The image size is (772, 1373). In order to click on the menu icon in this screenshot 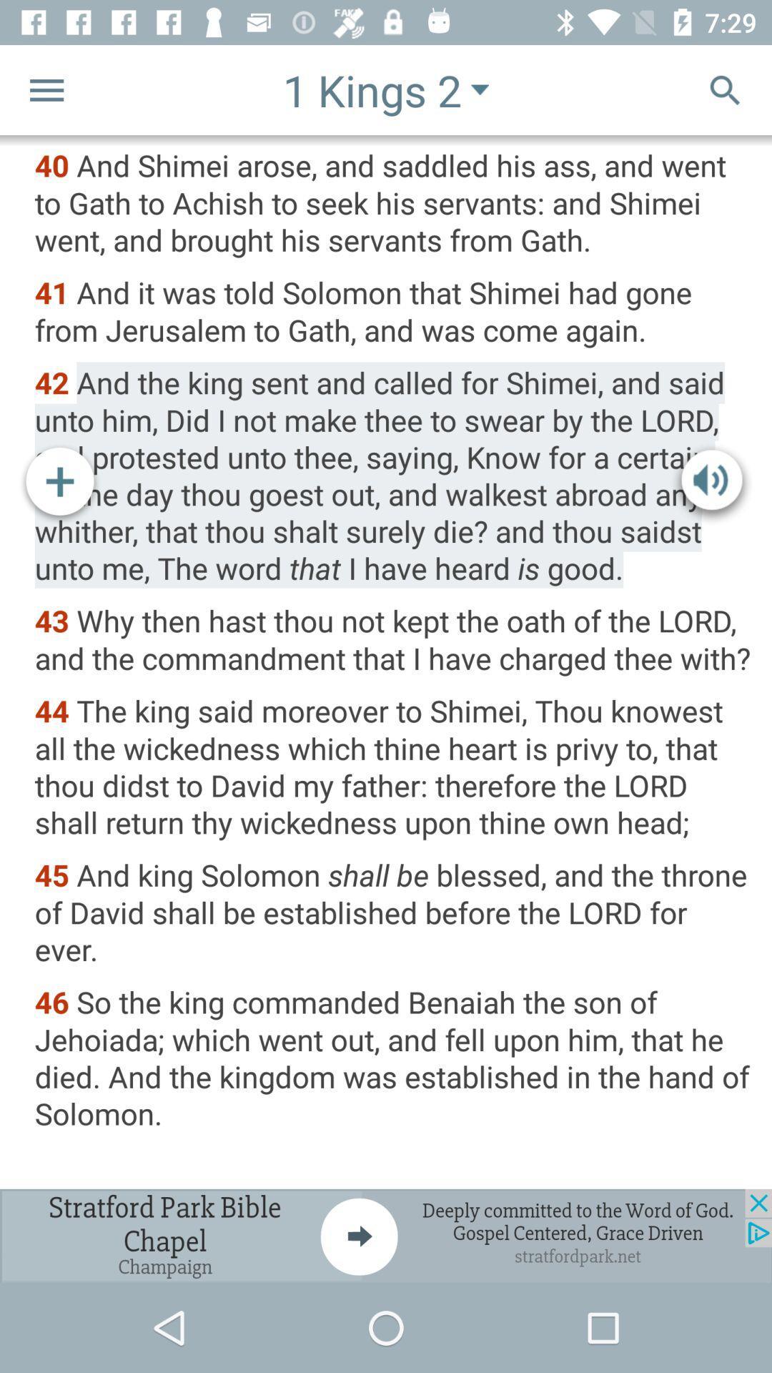, I will do `click(46, 89)`.